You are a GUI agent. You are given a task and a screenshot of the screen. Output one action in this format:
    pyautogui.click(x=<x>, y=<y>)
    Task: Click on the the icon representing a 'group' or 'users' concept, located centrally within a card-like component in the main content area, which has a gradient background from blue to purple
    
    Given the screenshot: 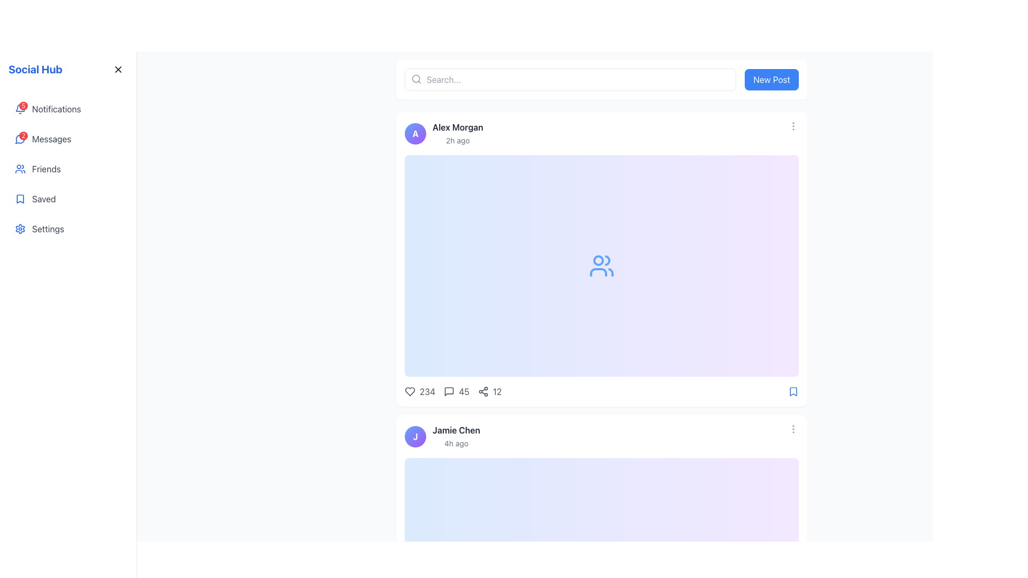 What is the action you would take?
    pyautogui.click(x=601, y=265)
    